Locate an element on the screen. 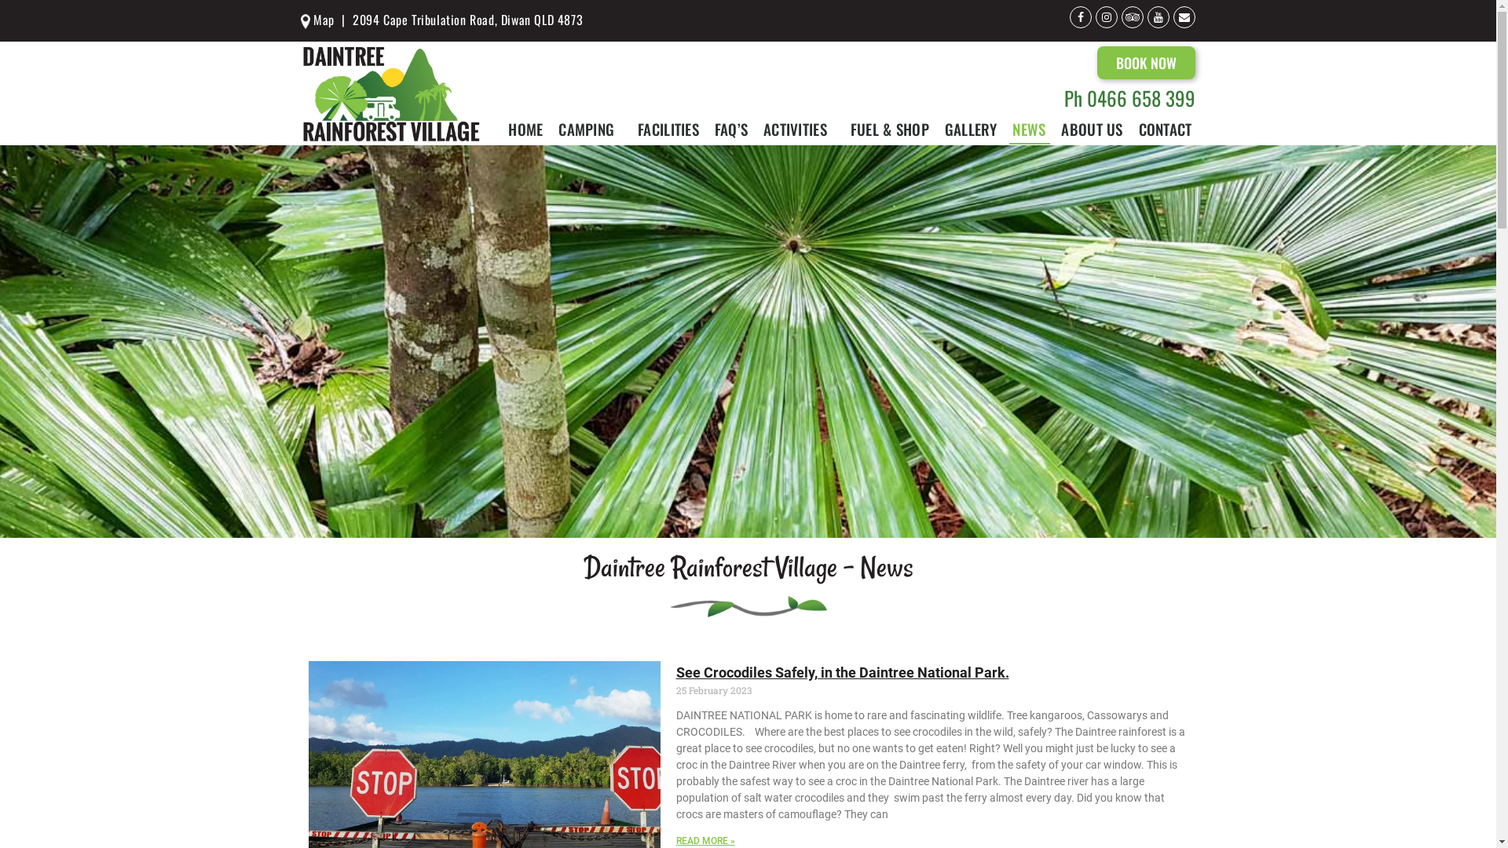 The image size is (1508, 848). 'BOOK NOW' is located at coordinates (1146, 62).